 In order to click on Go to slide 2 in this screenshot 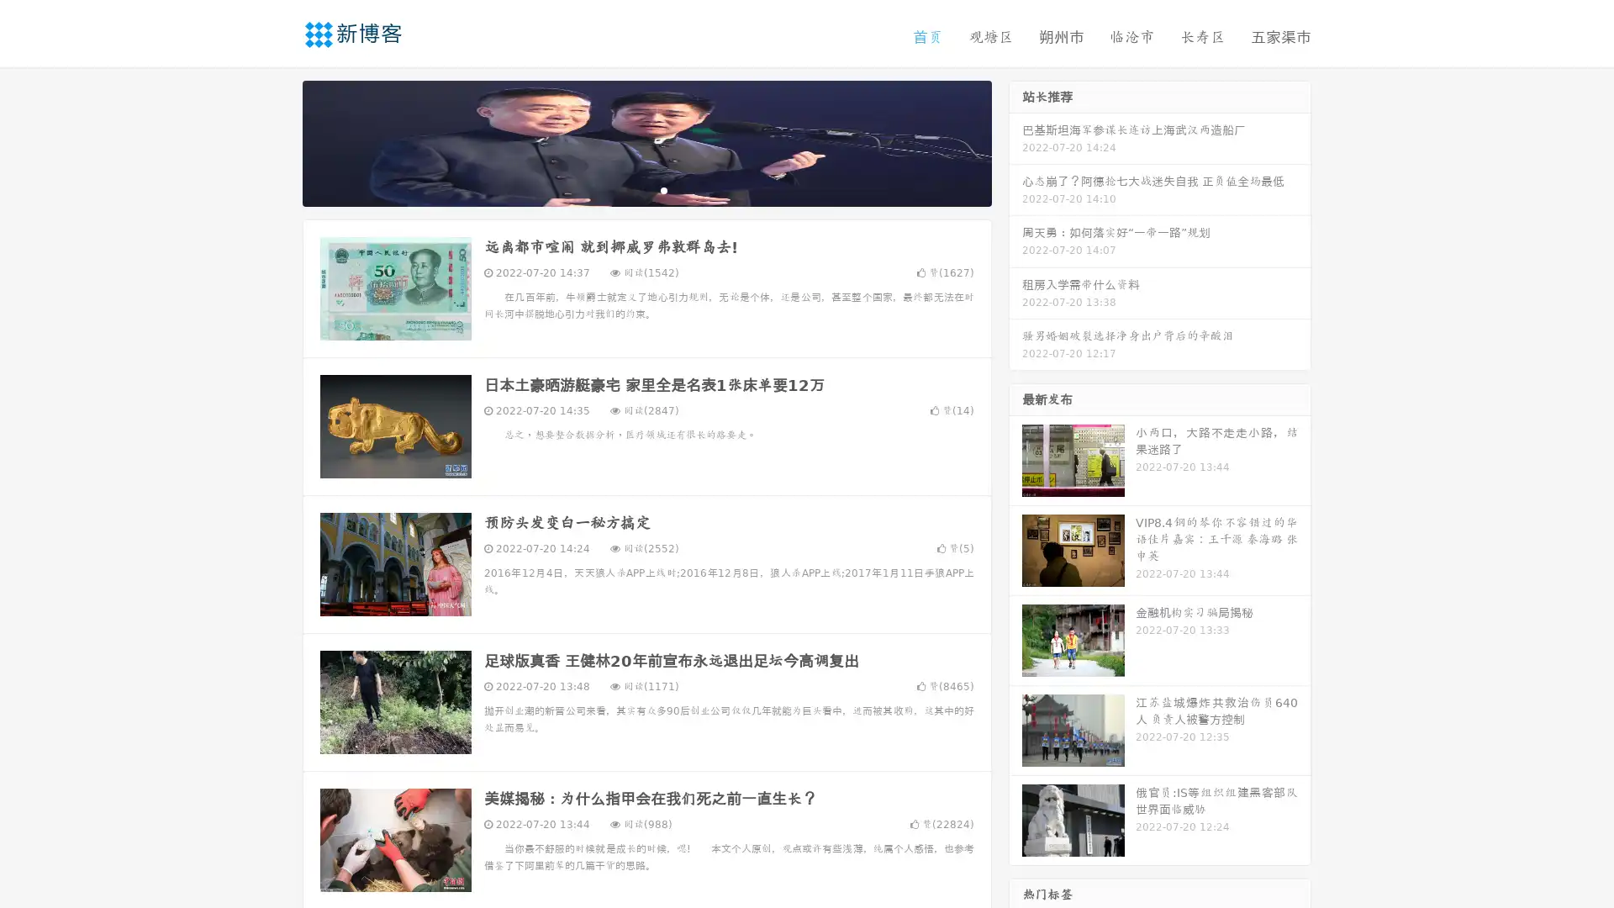, I will do `click(646, 189)`.